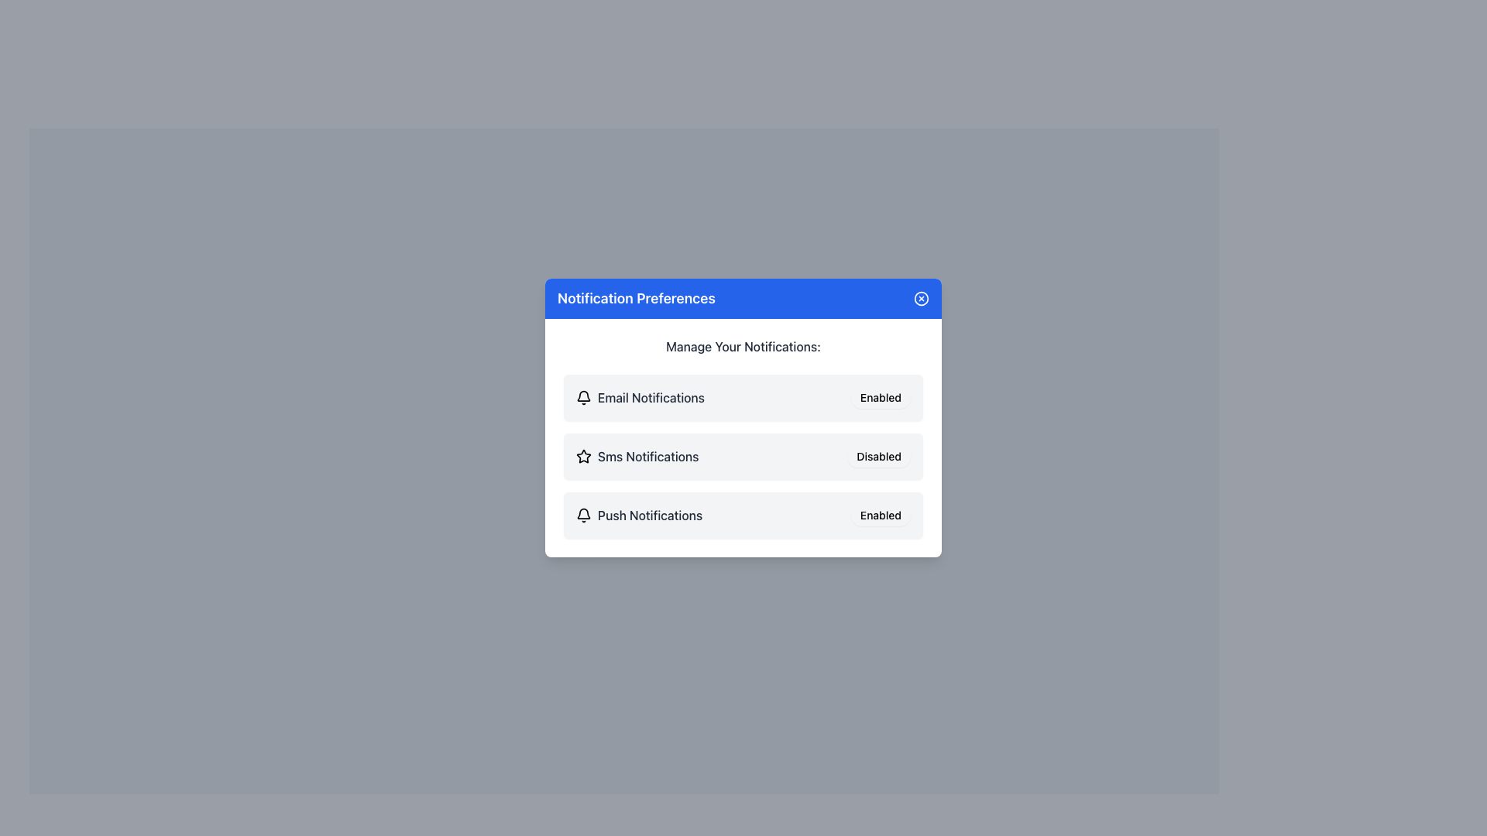  What do you see at coordinates (640, 396) in the screenshot?
I see `the label for email notifications located below 'Manage Your Notifications:'` at bounding box center [640, 396].